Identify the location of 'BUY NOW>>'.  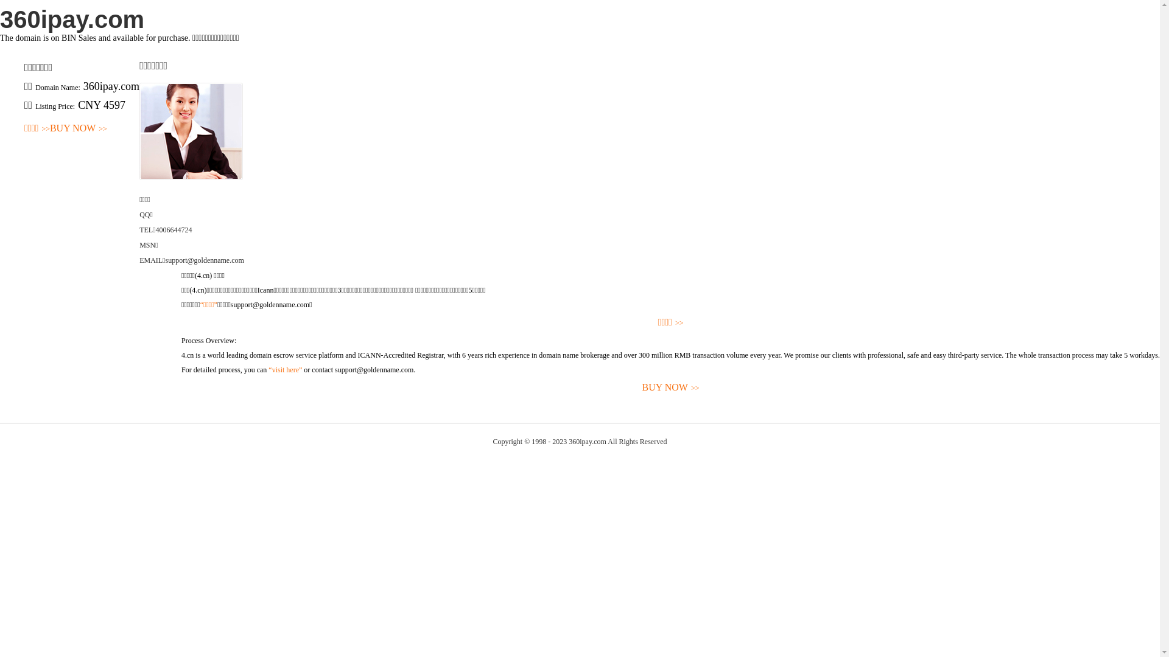
(78, 128).